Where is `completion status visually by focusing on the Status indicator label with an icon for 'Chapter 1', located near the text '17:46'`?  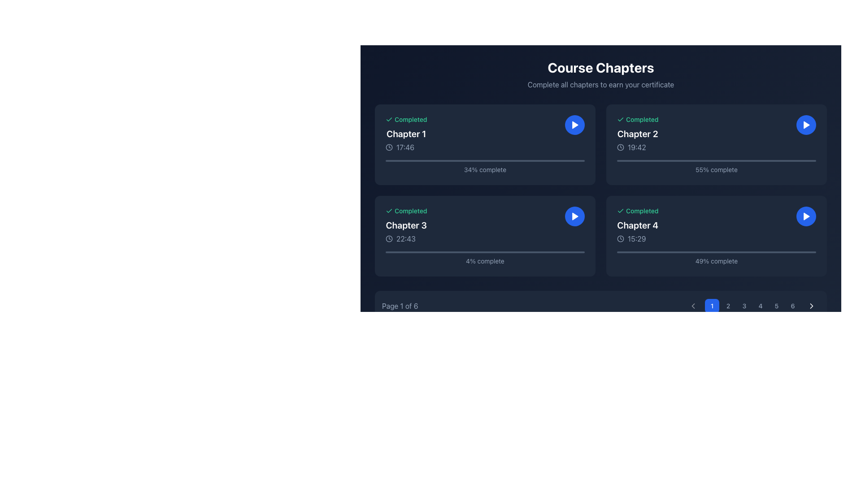 completion status visually by focusing on the Status indicator label with an icon for 'Chapter 1', located near the text '17:46' is located at coordinates (406, 119).